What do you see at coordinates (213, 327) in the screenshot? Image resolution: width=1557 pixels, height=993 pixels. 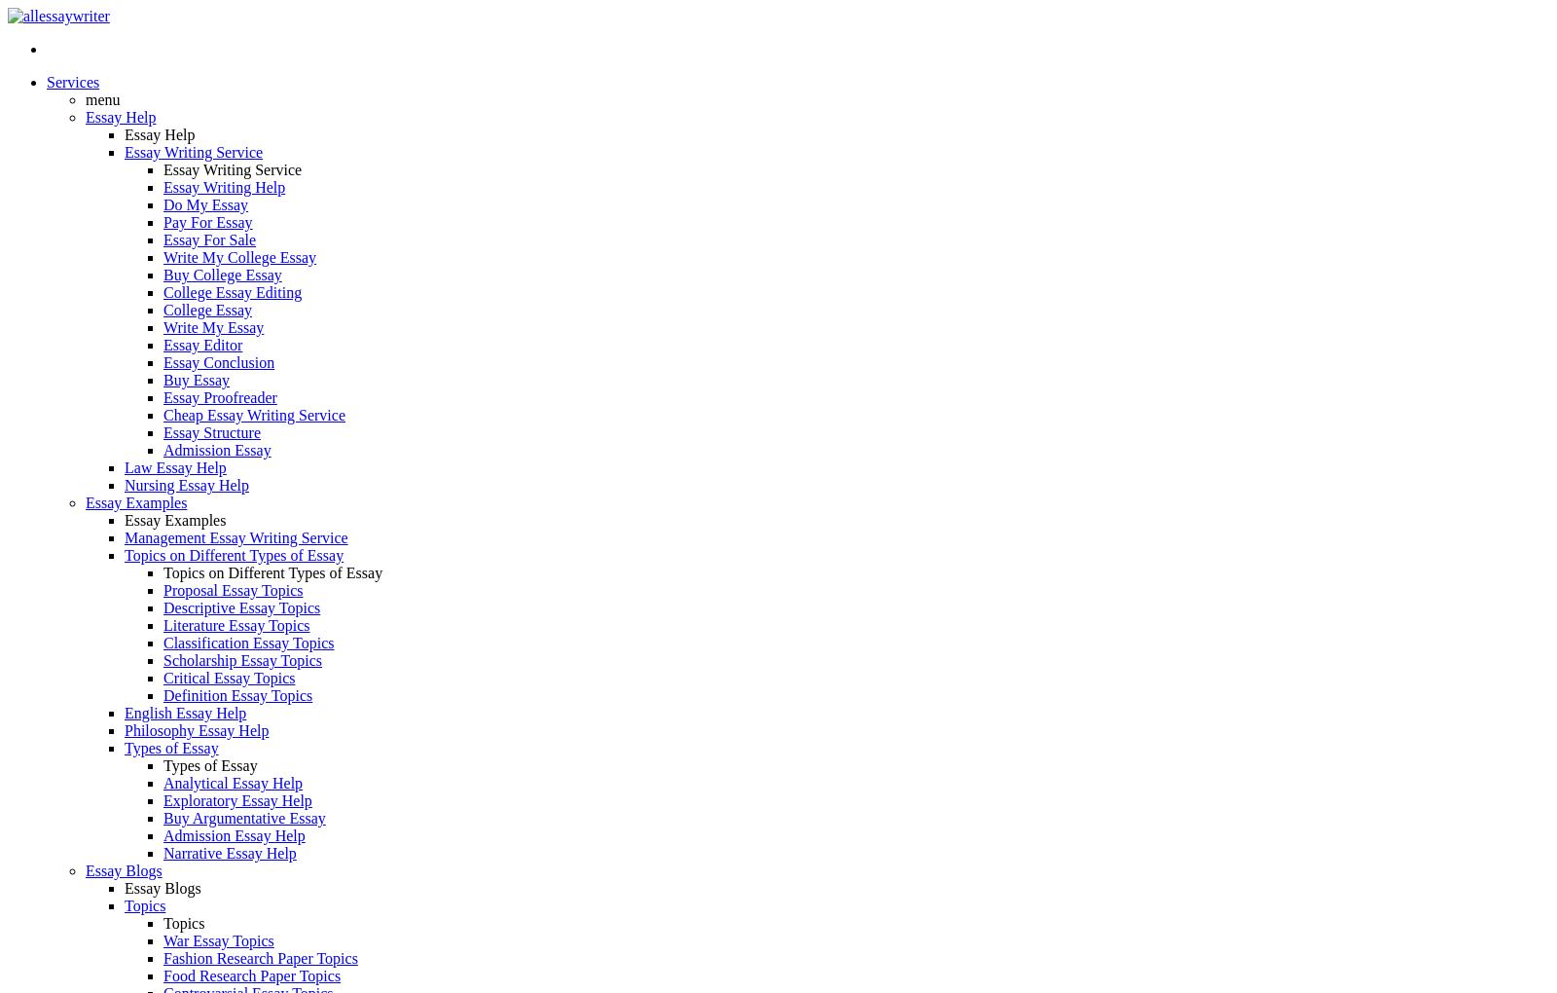 I see `'Write My Essay'` at bounding box center [213, 327].